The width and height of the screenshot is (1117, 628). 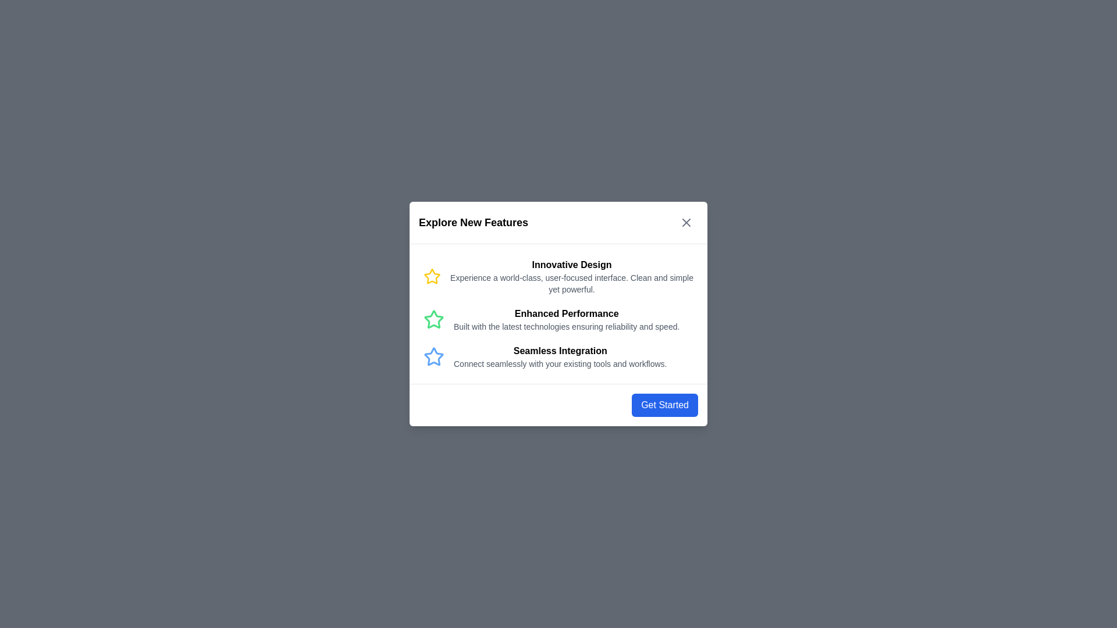 I want to click on the Feature highlight section located in the dialog titled 'Explore New Features', positioned between the close button and the 'Get Started' button, so click(x=558, y=314).